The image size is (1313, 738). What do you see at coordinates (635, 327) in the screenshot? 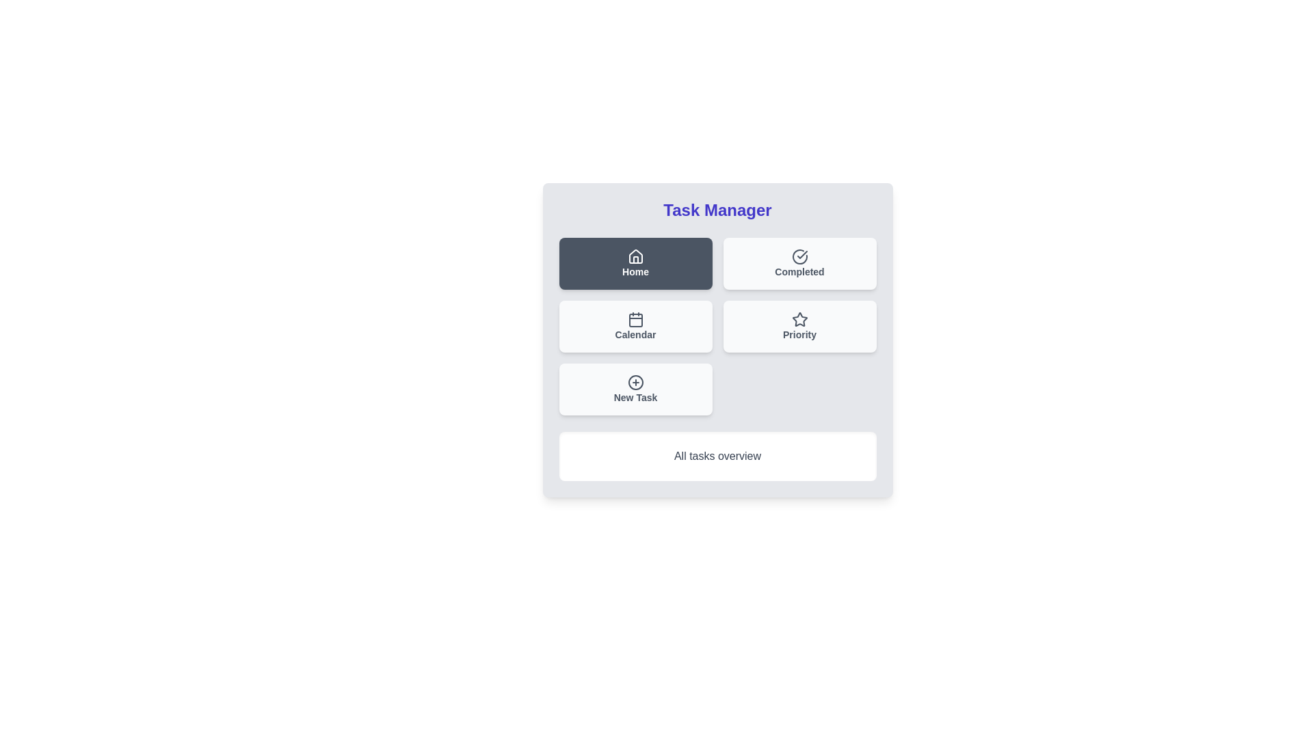
I see `the navigation button located in the bottom-left of the second row` at bounding box center [635, 327].